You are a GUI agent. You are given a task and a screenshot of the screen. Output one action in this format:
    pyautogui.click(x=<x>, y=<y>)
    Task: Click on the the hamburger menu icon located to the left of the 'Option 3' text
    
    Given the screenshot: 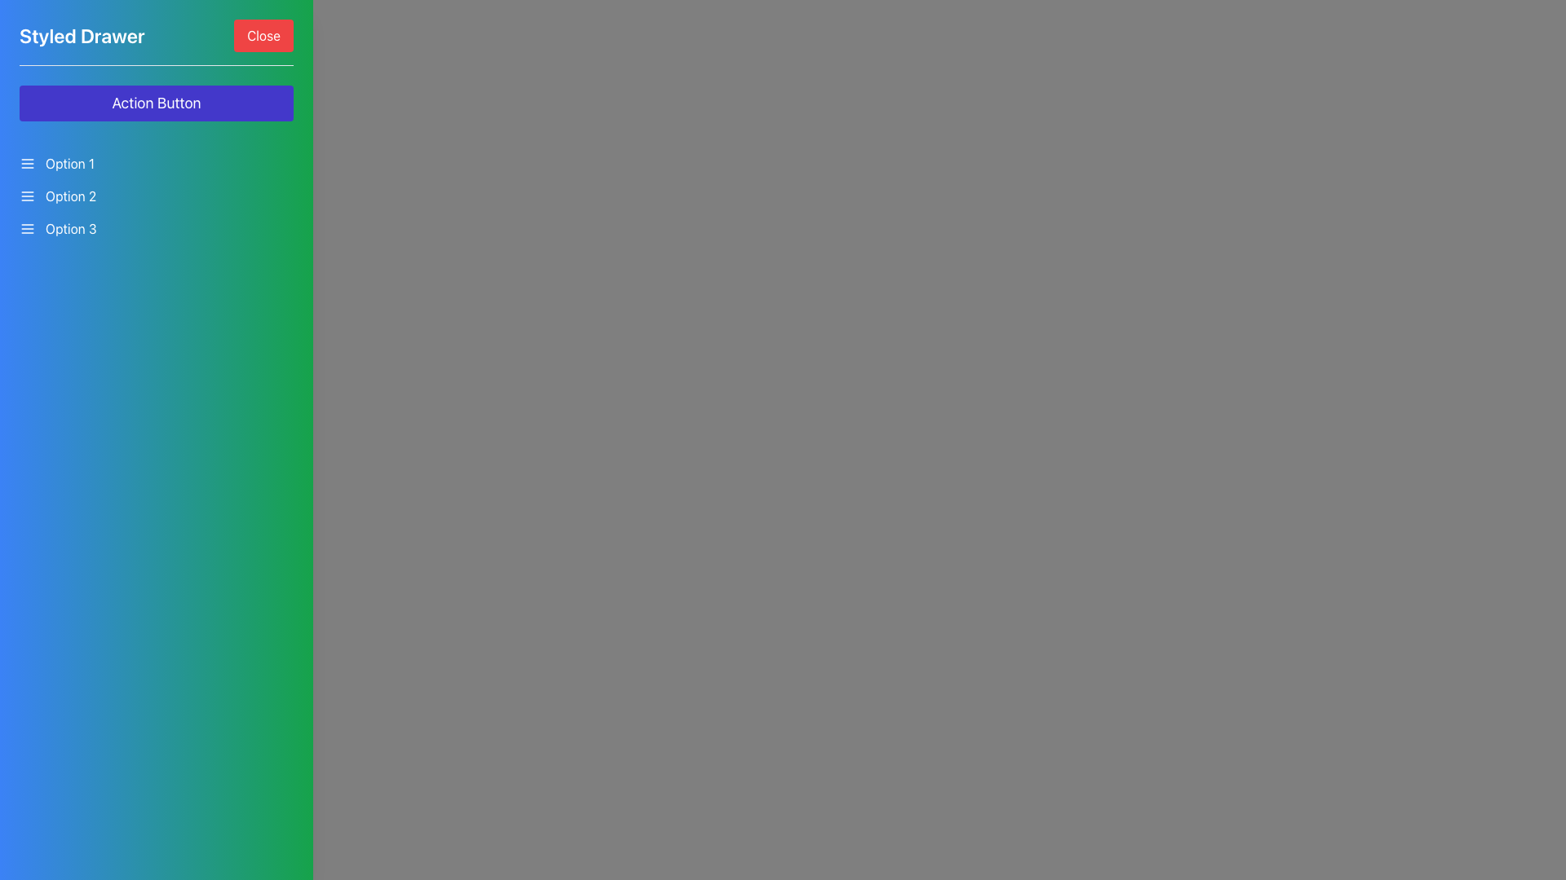 What is the action you would take?
    pyautogui.click(x=27, y=229)
    